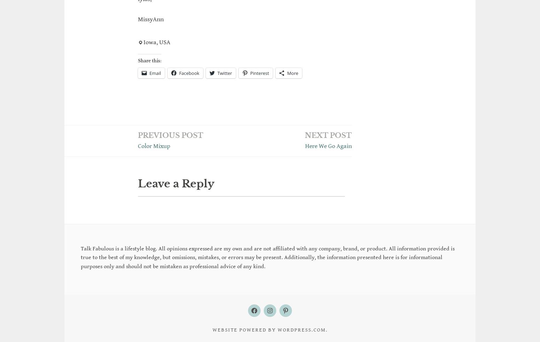  Describe the element at coordinates (268, 315) in the screenshot. I see `'Talk Fabulous is a lifestyle blog. All opinions expressed are my own and are not affiliated with any company, brand, or product. All information provided is true to the best of my knowledge, but omissions, mistakes, or errors may be present. Additionally, the information presented here is for informational purposes only and should not be mistaken as professional advice of any kind.'` at that location.